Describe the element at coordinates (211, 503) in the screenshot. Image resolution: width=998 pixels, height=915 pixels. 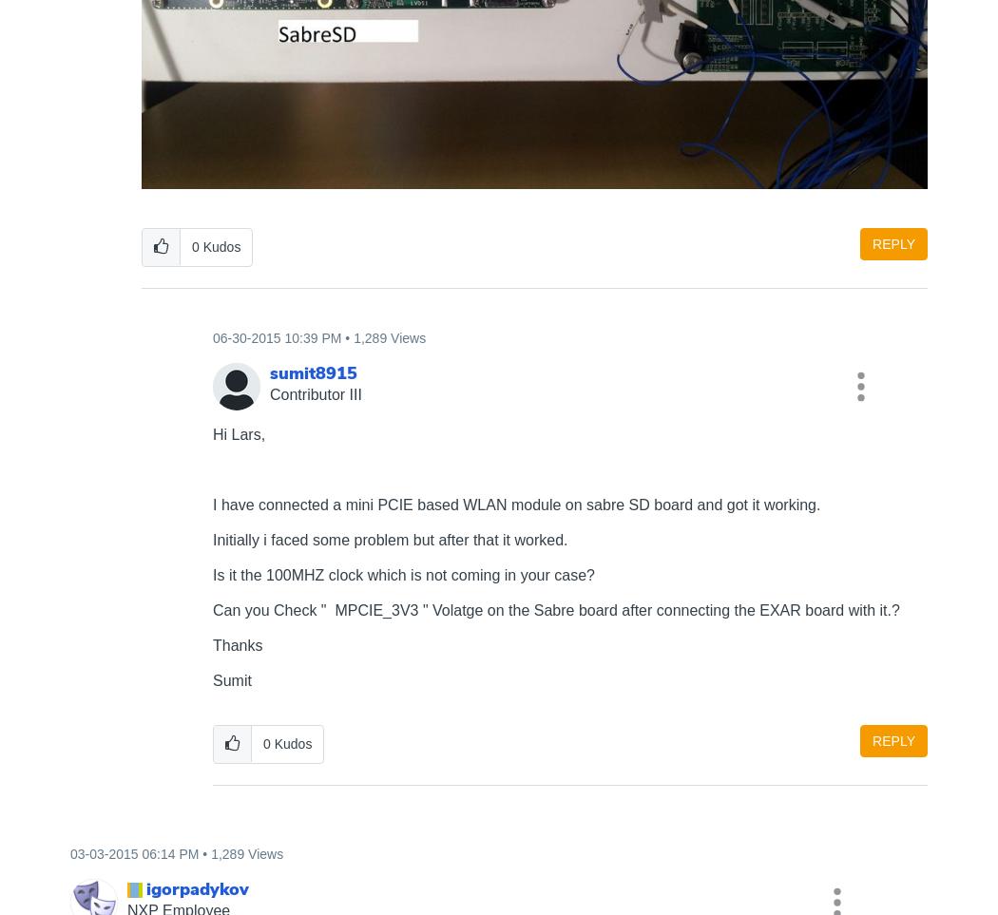
I see `'I have connected a mini PCIE based WLAN module on sabre SD board and got it working.'` at that location.